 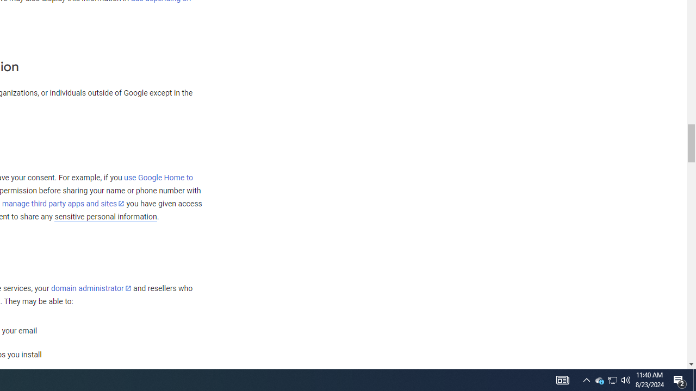 I want to click on 'domain administrator', so click(x=91, y=288).